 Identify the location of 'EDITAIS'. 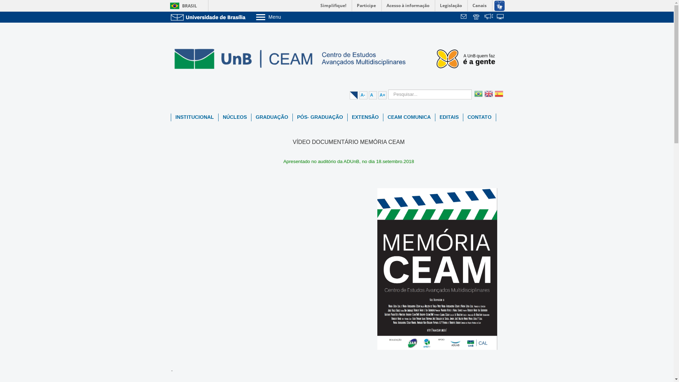
(434, 117).